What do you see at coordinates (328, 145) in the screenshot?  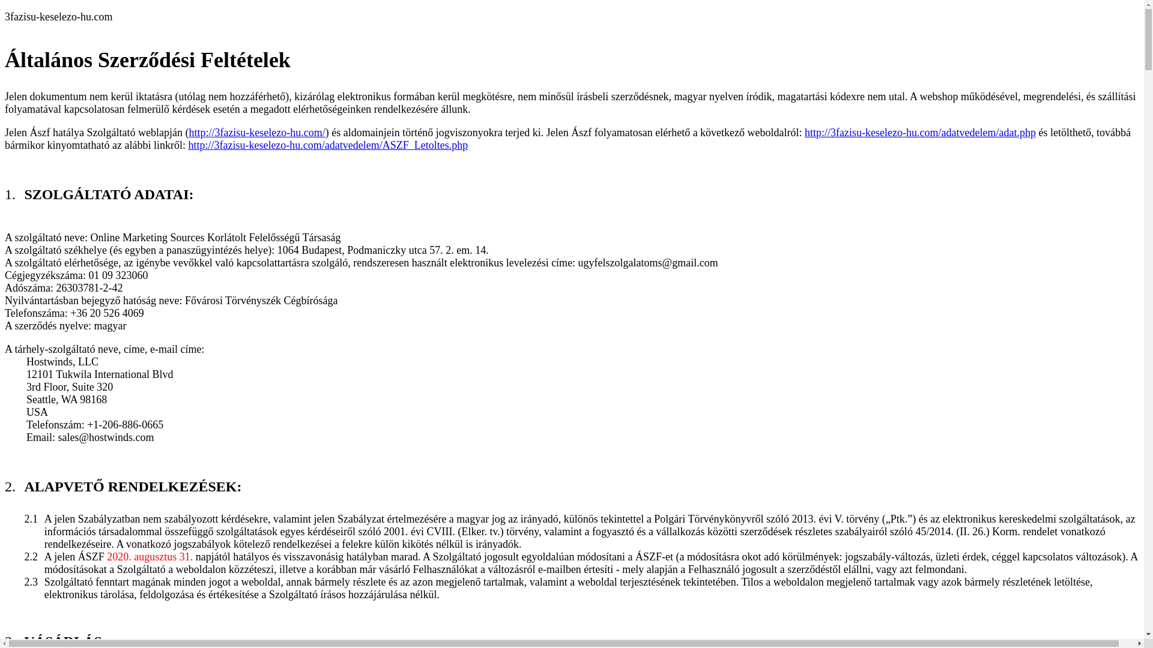 I see `'http://3fazisu-keselezo-hu.com/adatvedelem/ASZF_Letoltes.php'` at bounding box center [328, 145].